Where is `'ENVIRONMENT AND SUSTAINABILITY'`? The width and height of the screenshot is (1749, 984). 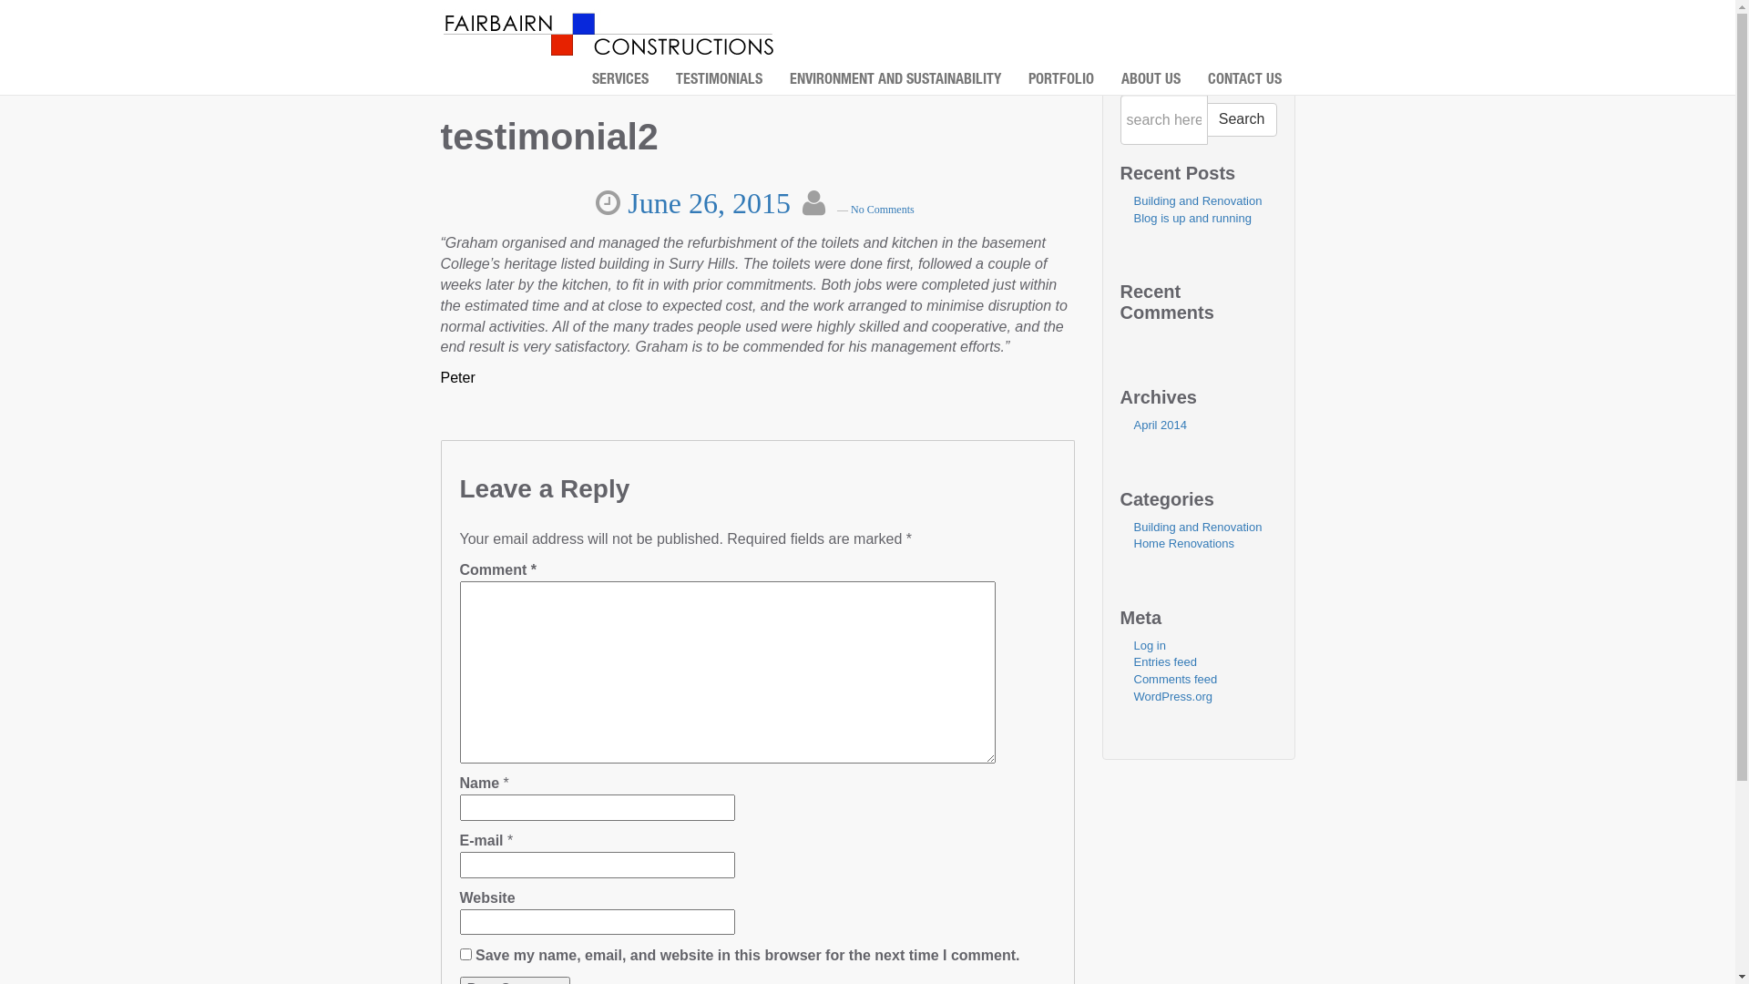 'ENVIRONMENT AND SUSTAINABILITY' is located at coordinates (895, 79).